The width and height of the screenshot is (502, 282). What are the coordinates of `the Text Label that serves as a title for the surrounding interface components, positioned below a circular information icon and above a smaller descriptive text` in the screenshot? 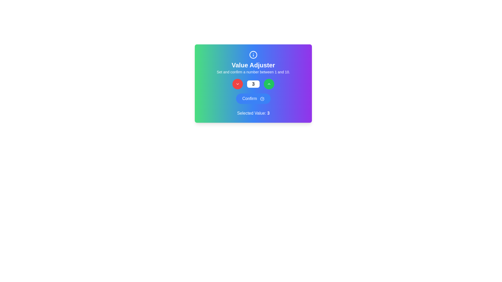 It's located at (253, 65).